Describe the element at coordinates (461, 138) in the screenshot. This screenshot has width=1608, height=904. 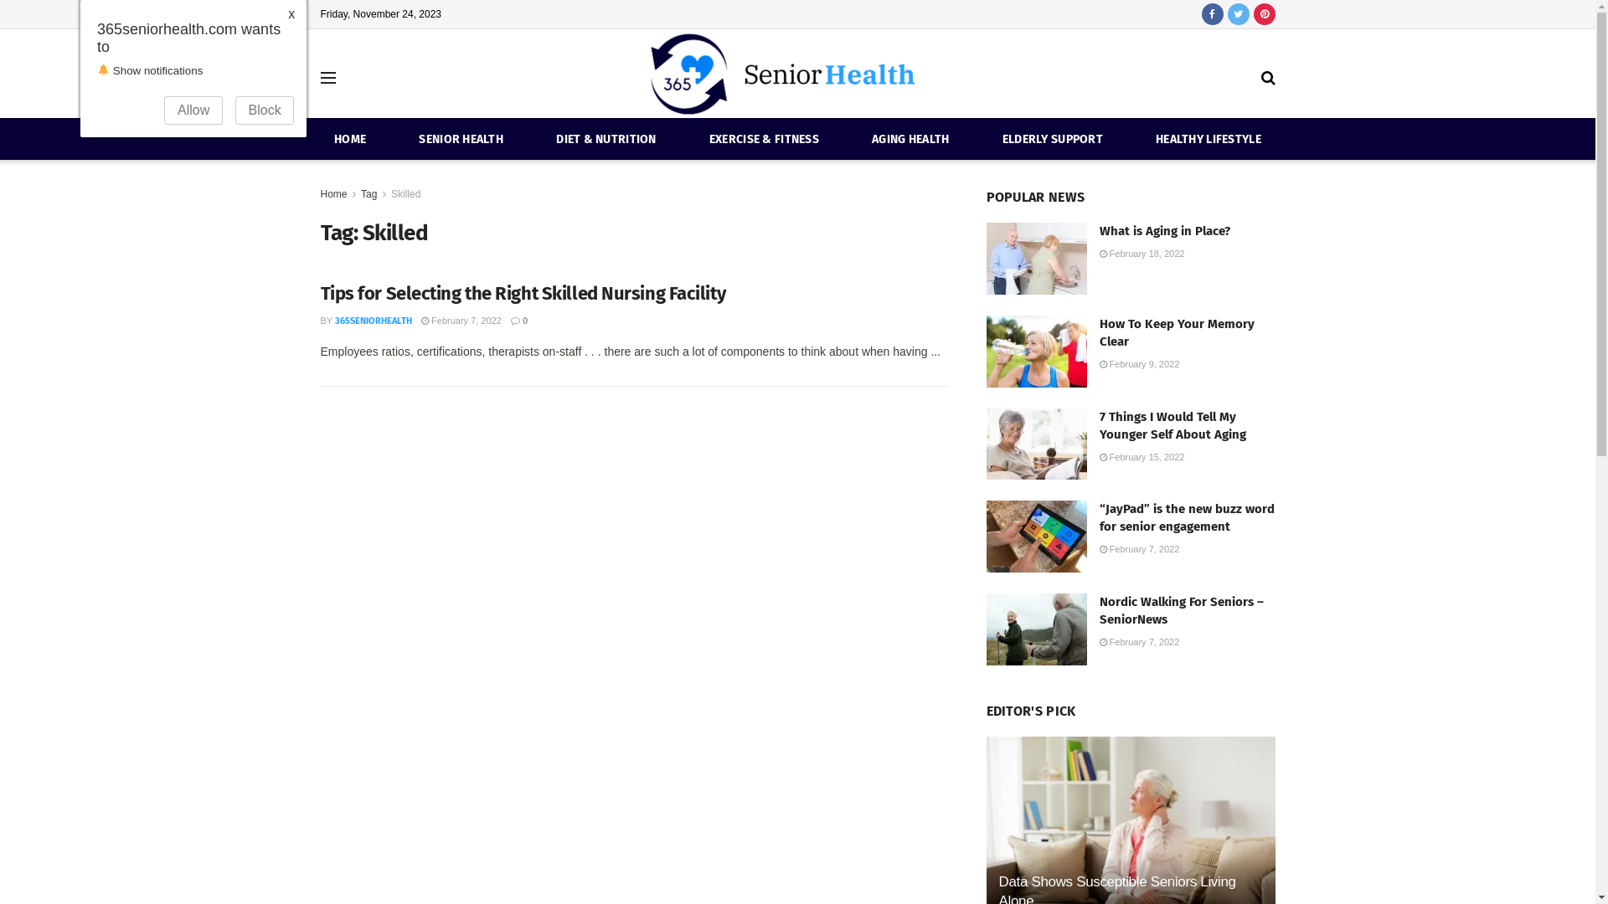
I see `'SENIOR HEALTH'` at that location.